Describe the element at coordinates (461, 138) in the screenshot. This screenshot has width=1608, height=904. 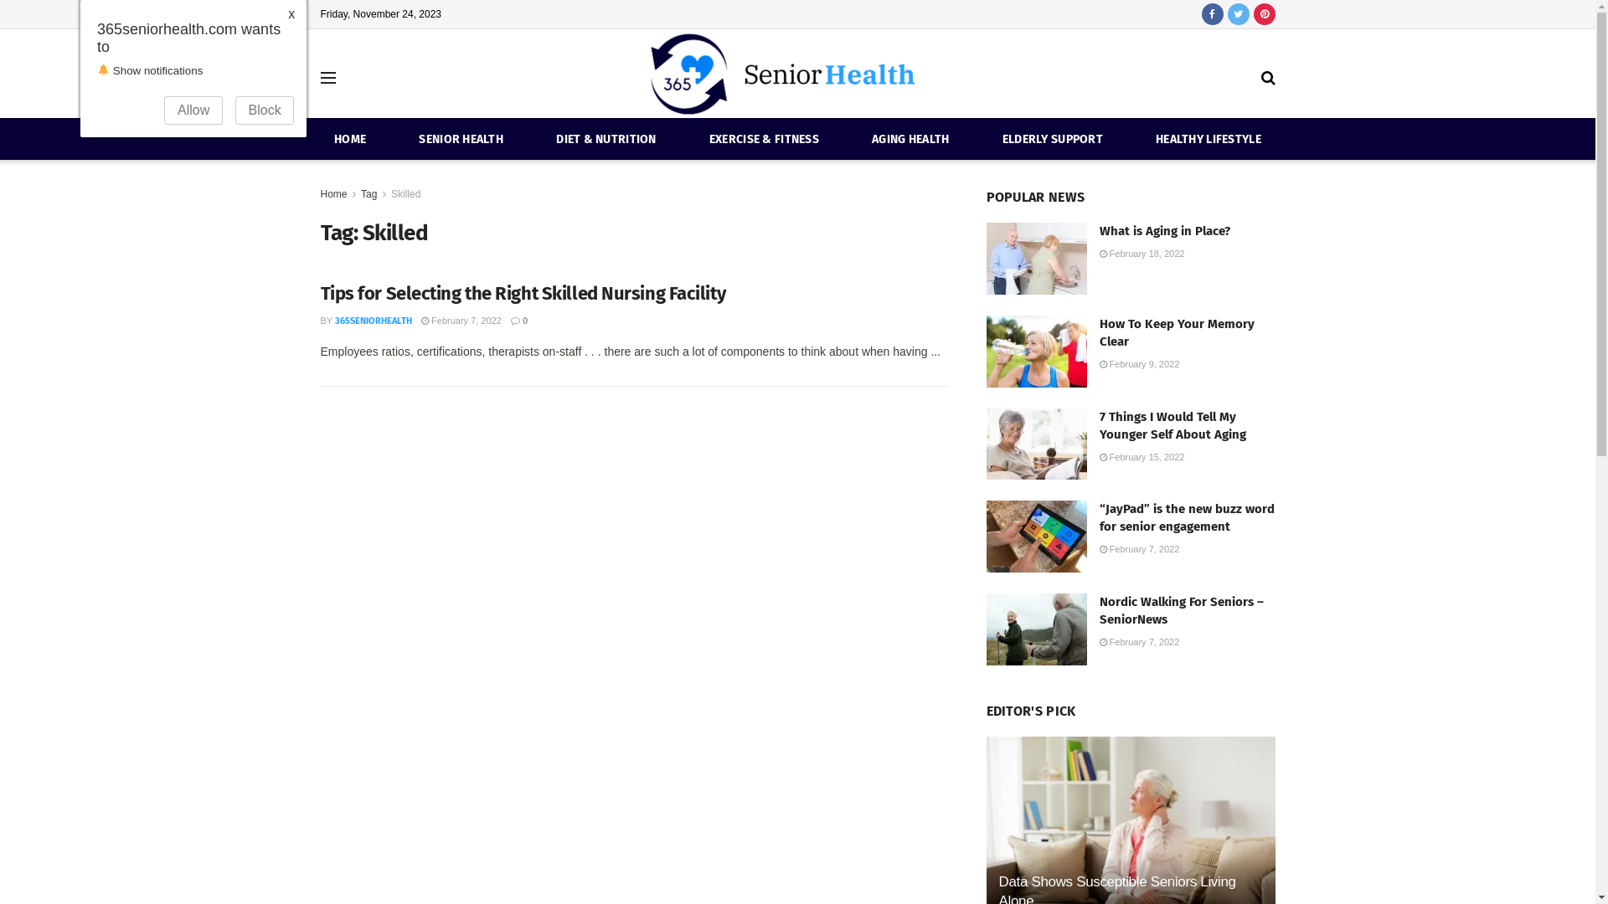
I see `'SENIOR HEALTH'` at that location.